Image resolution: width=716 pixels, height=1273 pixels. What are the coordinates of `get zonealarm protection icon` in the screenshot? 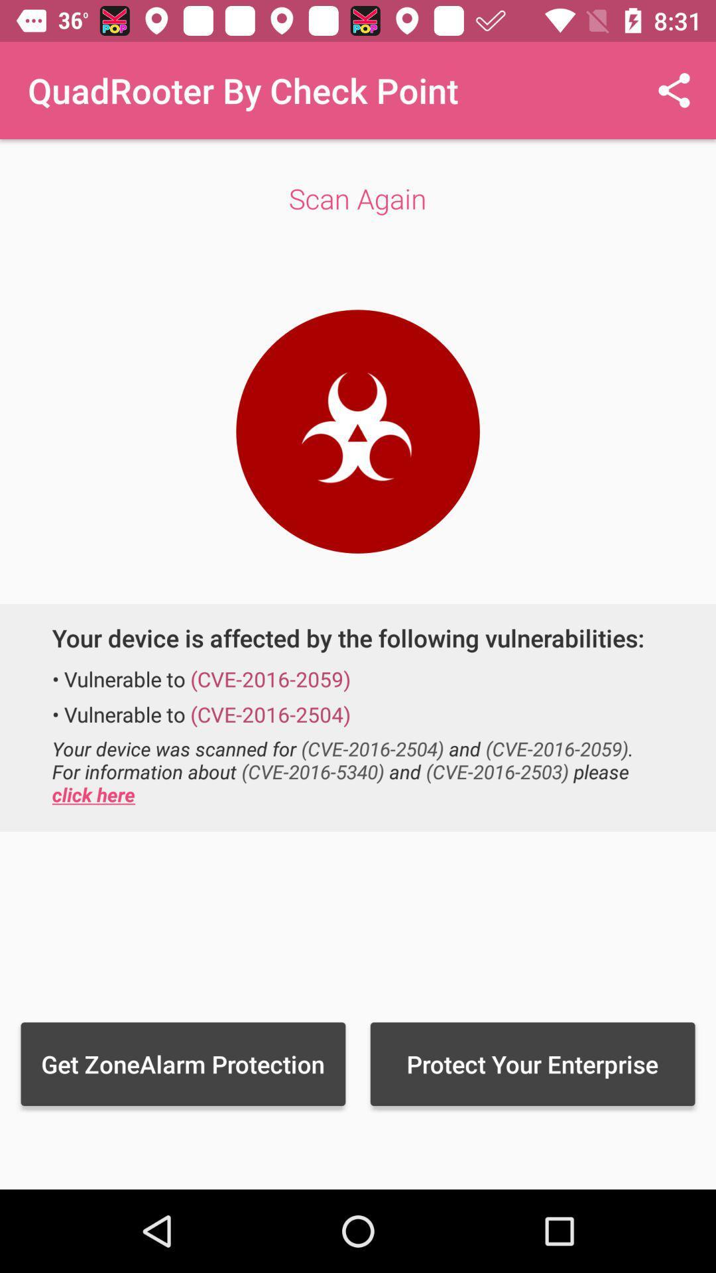 It's located at (183, 1063).